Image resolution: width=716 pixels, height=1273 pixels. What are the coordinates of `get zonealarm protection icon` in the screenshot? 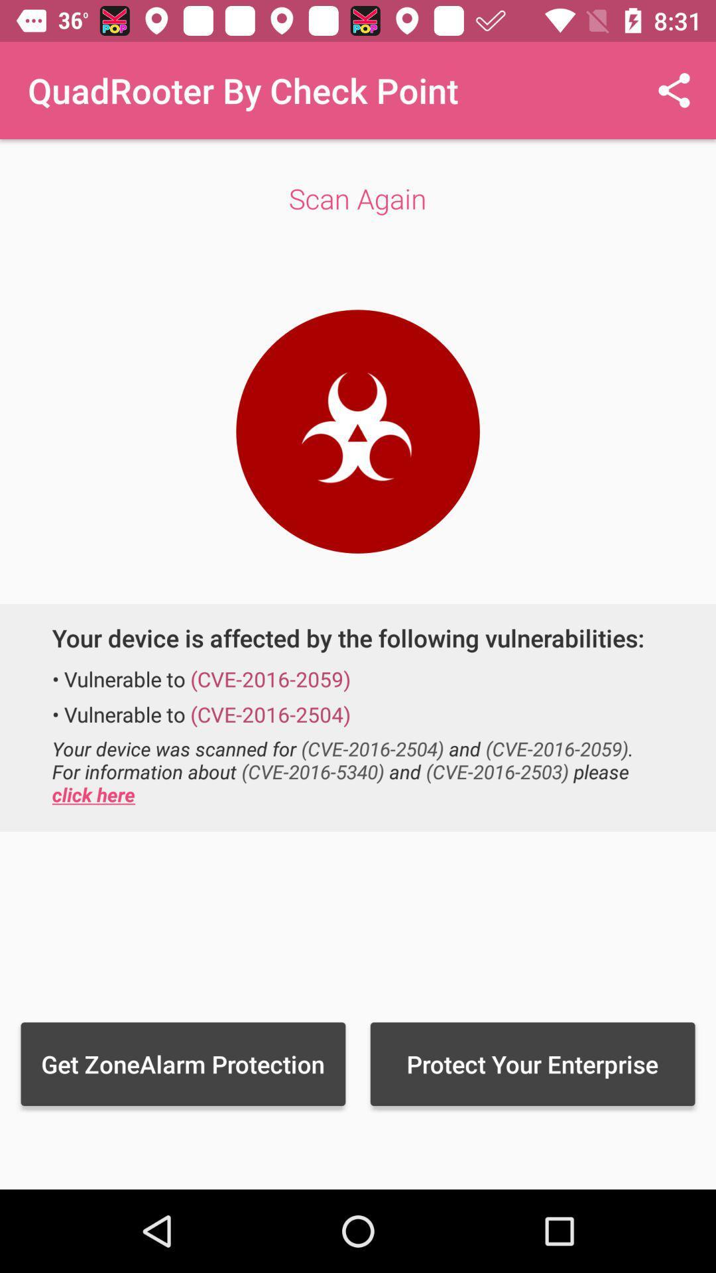 It's located at (183, 1063).